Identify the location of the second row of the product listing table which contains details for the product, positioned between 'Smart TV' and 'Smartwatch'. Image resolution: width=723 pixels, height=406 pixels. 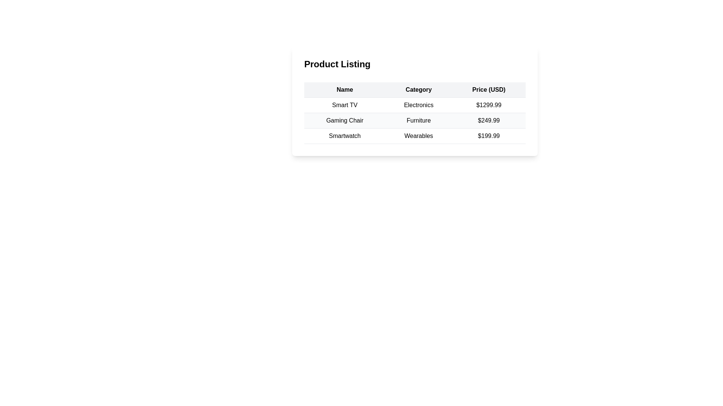
(415, 120).